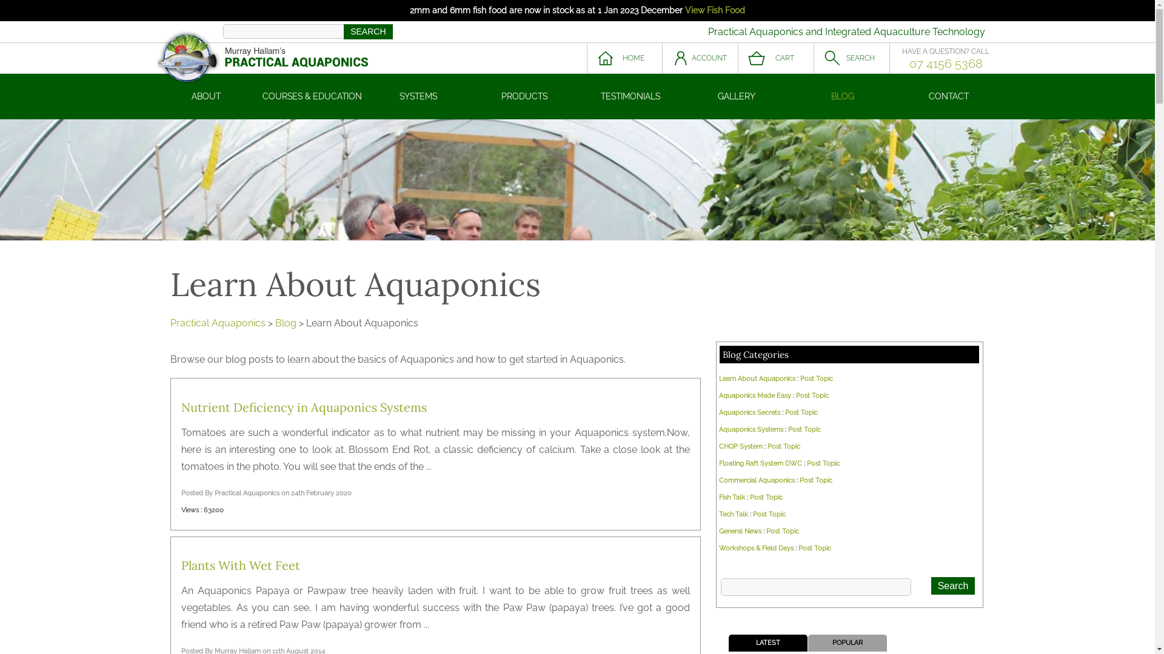  Describe the element at coordinates (765, 497) in the screenshot. I see `'Post Topic'` at that location.